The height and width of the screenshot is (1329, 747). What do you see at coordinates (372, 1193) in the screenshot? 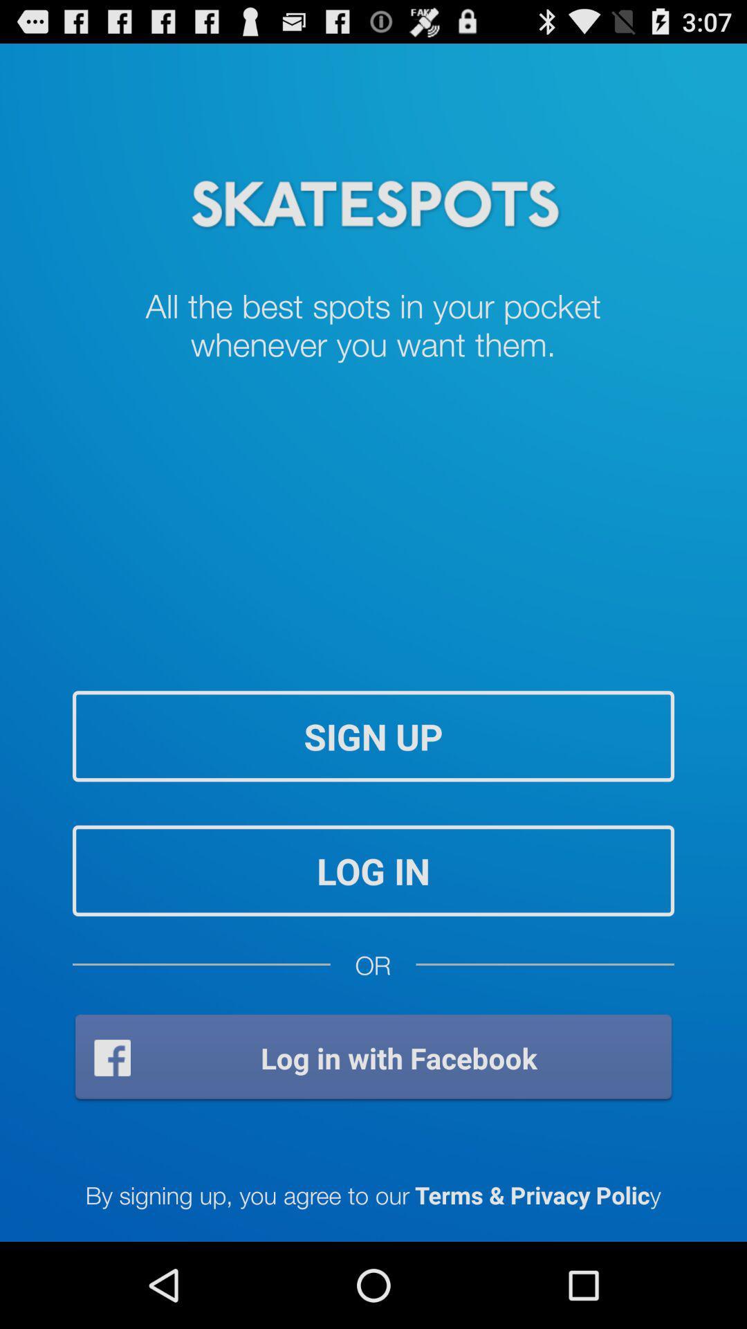
I see `by signing up` at bounding box center [372, 1193].